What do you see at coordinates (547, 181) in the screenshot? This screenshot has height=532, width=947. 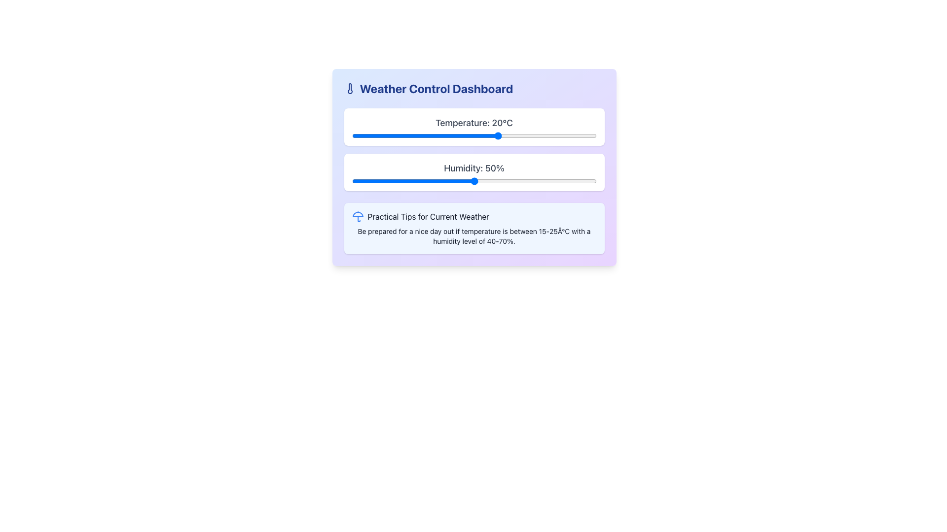 I see `the humidity level` at bounding box center [547, 181].